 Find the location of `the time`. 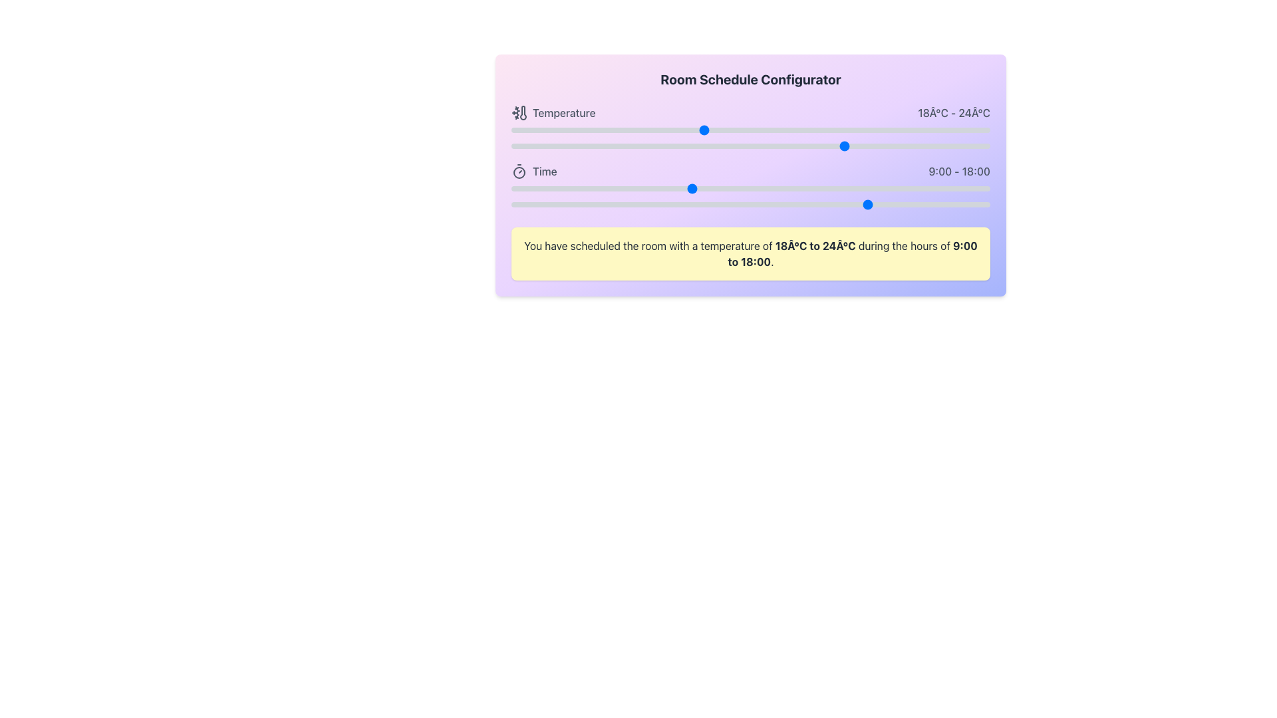

the time is located at coordinates (750, 189).